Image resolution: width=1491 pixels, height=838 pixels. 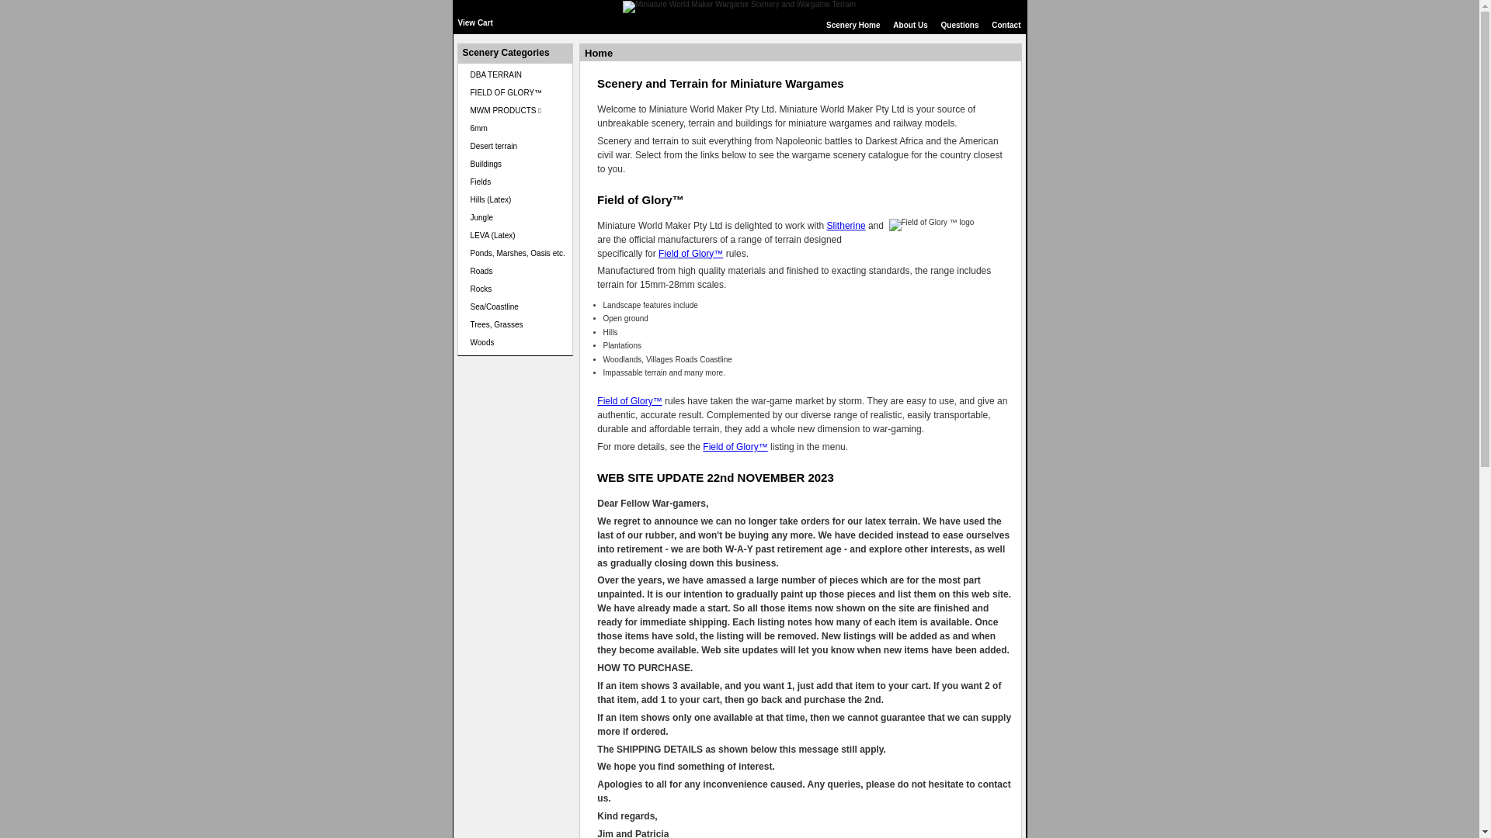 I want to click on 'Contact', so click(x=1006, y=25).